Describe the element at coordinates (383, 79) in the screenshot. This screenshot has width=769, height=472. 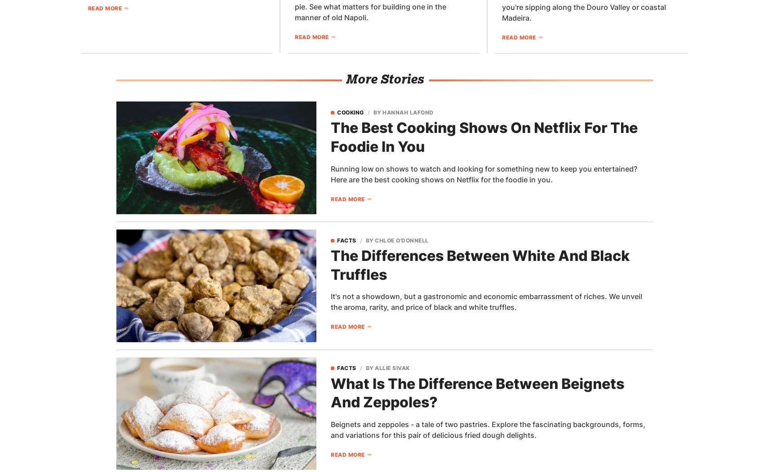
I see `'More Stories'` at that location.